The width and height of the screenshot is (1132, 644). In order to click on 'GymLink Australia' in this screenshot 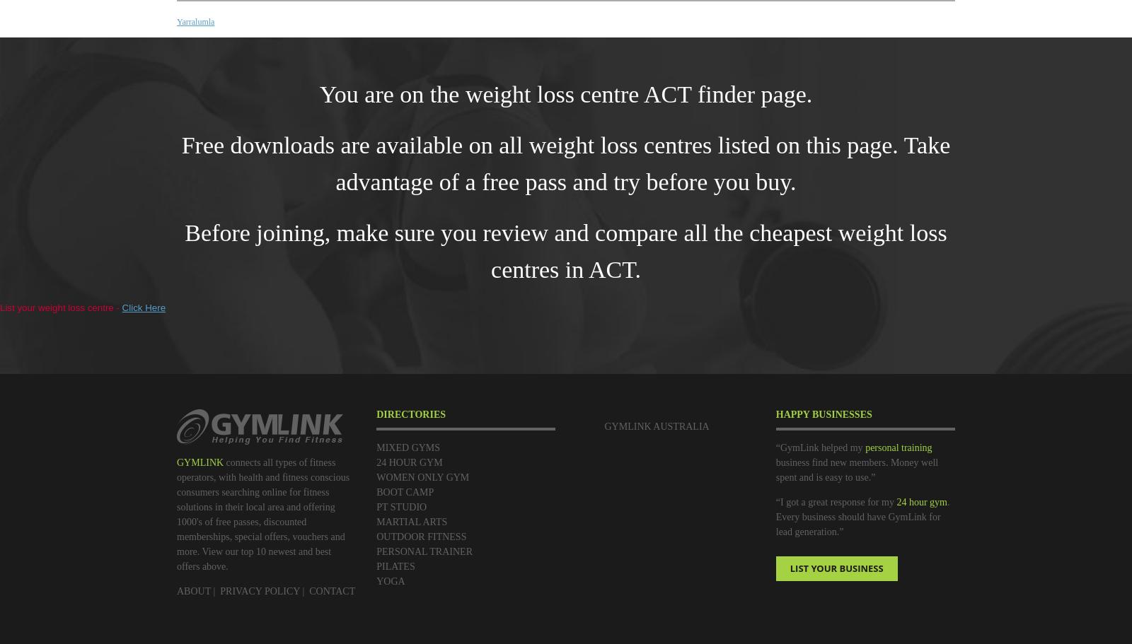, I will do `click(655, 425)`.